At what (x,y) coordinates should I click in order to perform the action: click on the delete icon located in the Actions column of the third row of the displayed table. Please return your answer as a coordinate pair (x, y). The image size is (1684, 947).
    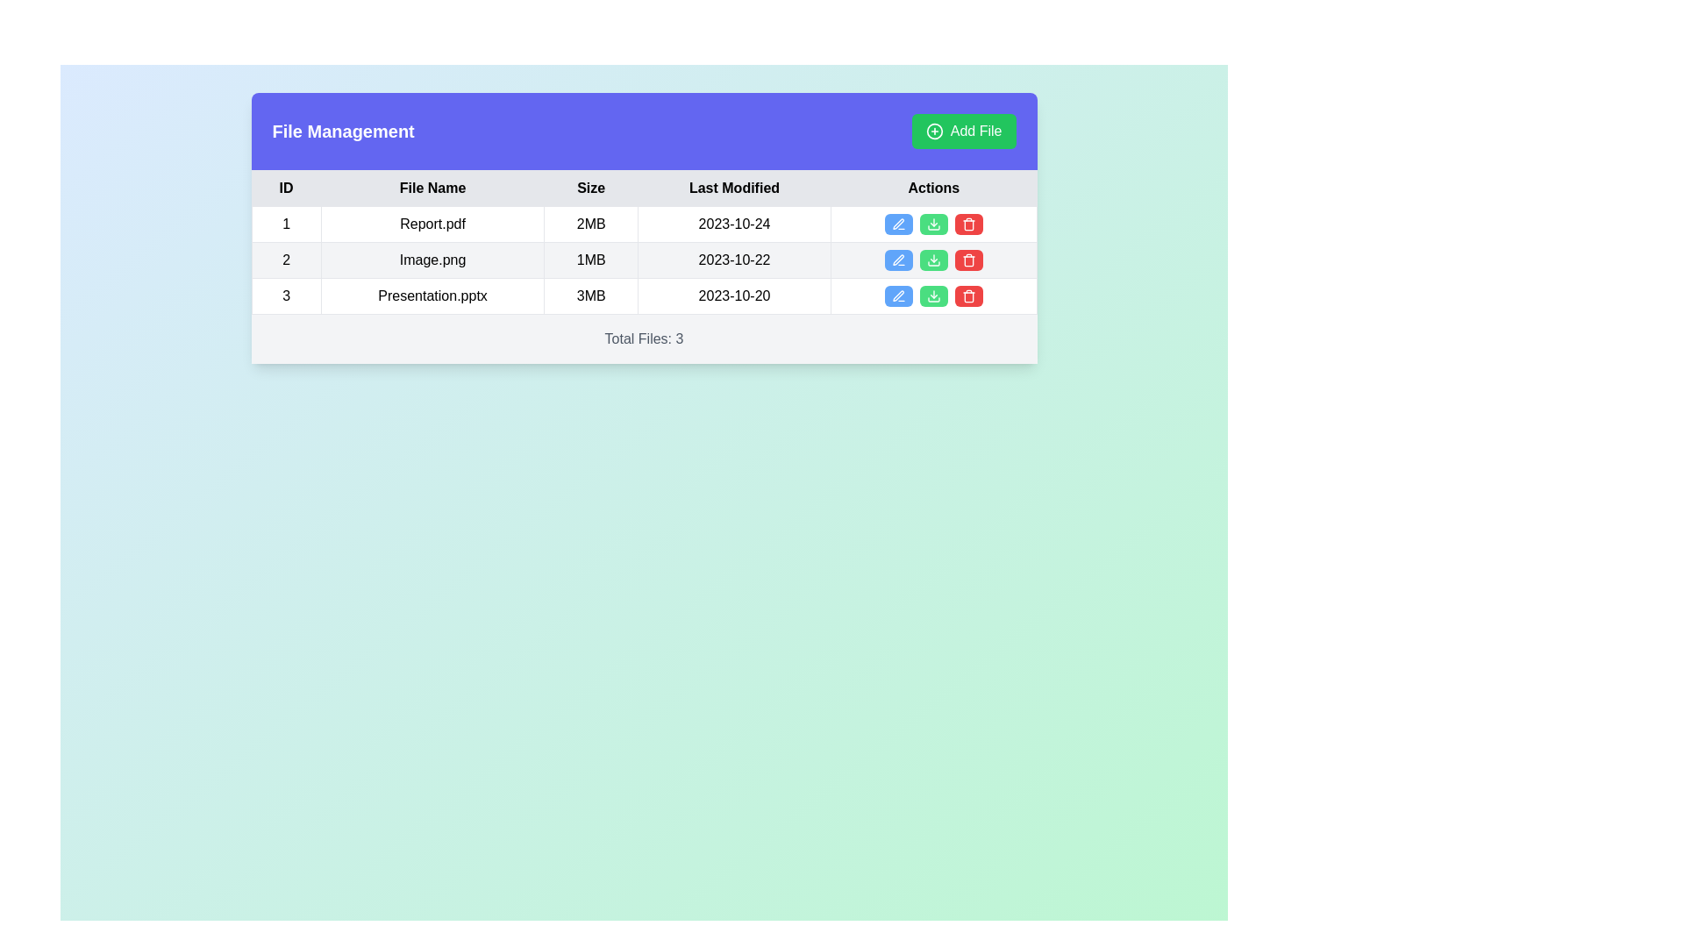
    Looking at the image, I should click on (967, 260).